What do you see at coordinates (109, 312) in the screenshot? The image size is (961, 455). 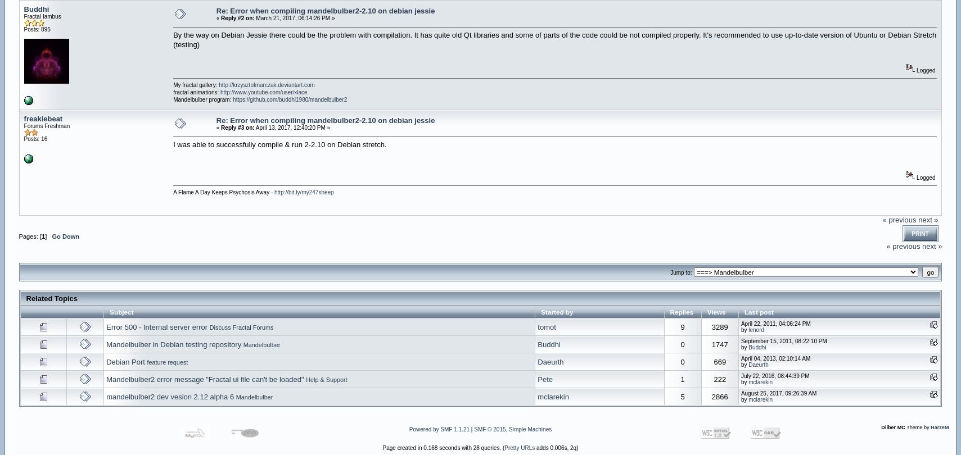 I see `'Subject'` at bounding box center [109, 312].